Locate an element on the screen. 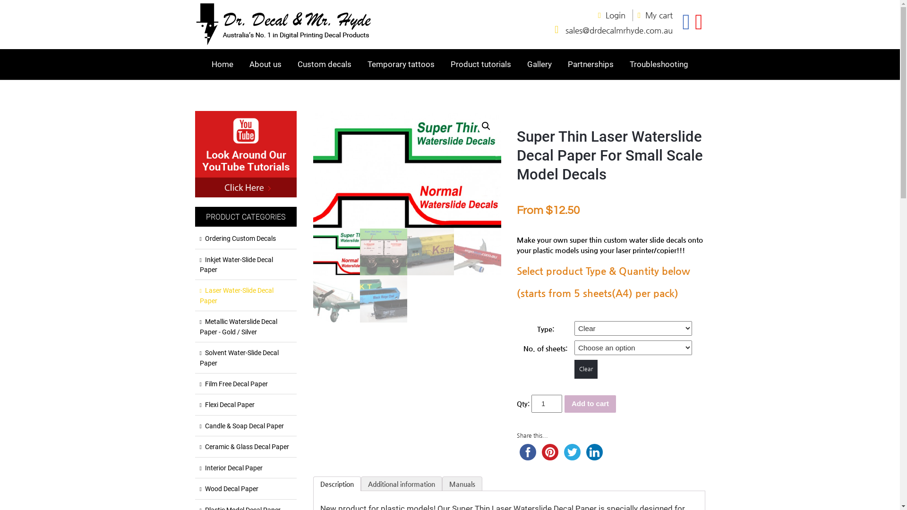 This screenshot has width=907, height=510. 'Add to cart' is located at coordinates (590, 404).